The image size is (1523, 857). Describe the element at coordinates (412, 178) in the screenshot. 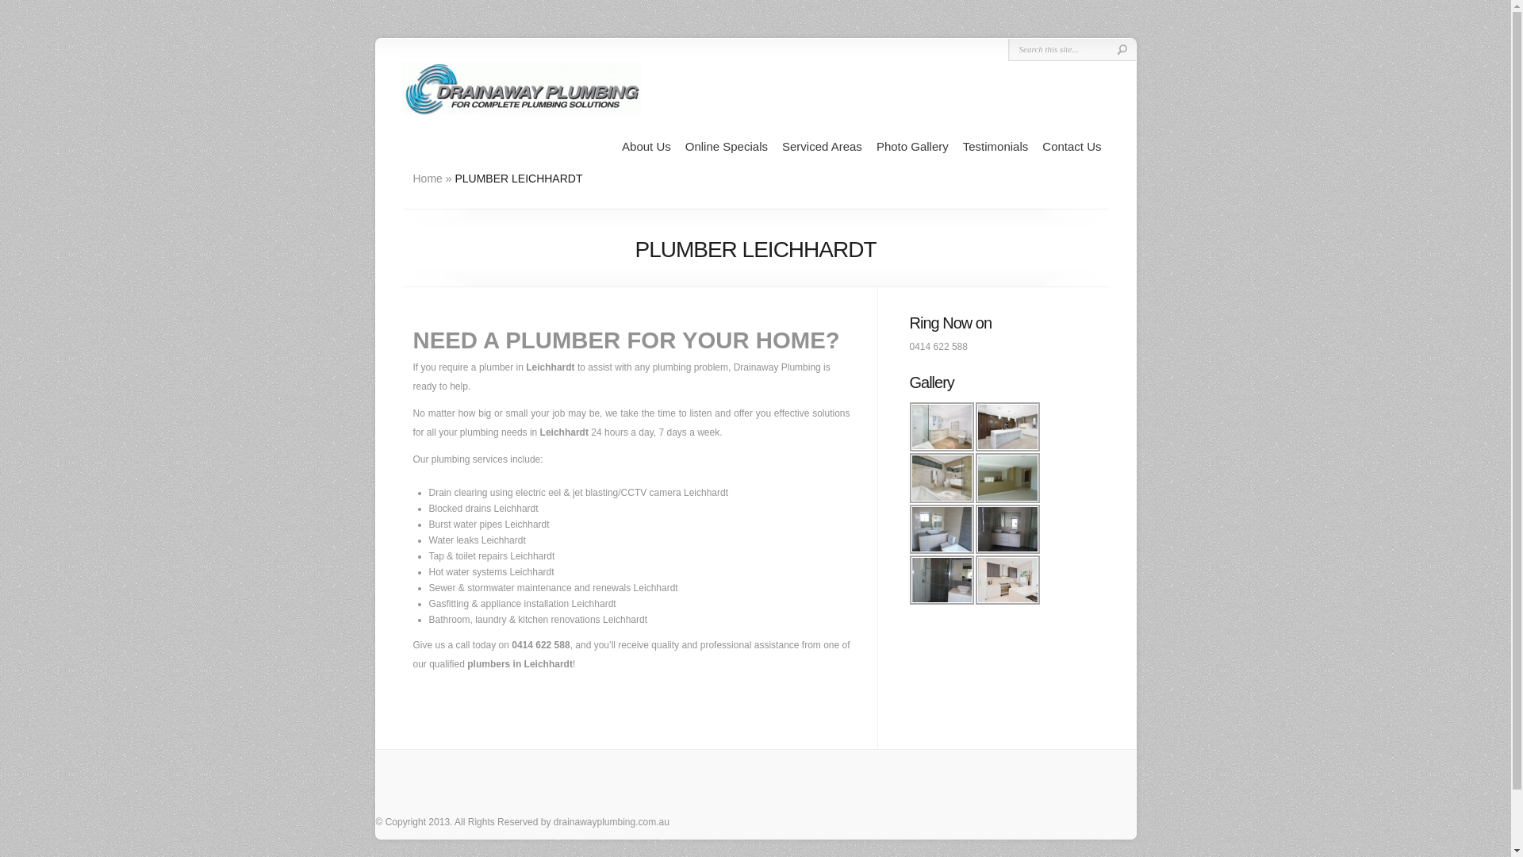

I see `'Home'` at that location.